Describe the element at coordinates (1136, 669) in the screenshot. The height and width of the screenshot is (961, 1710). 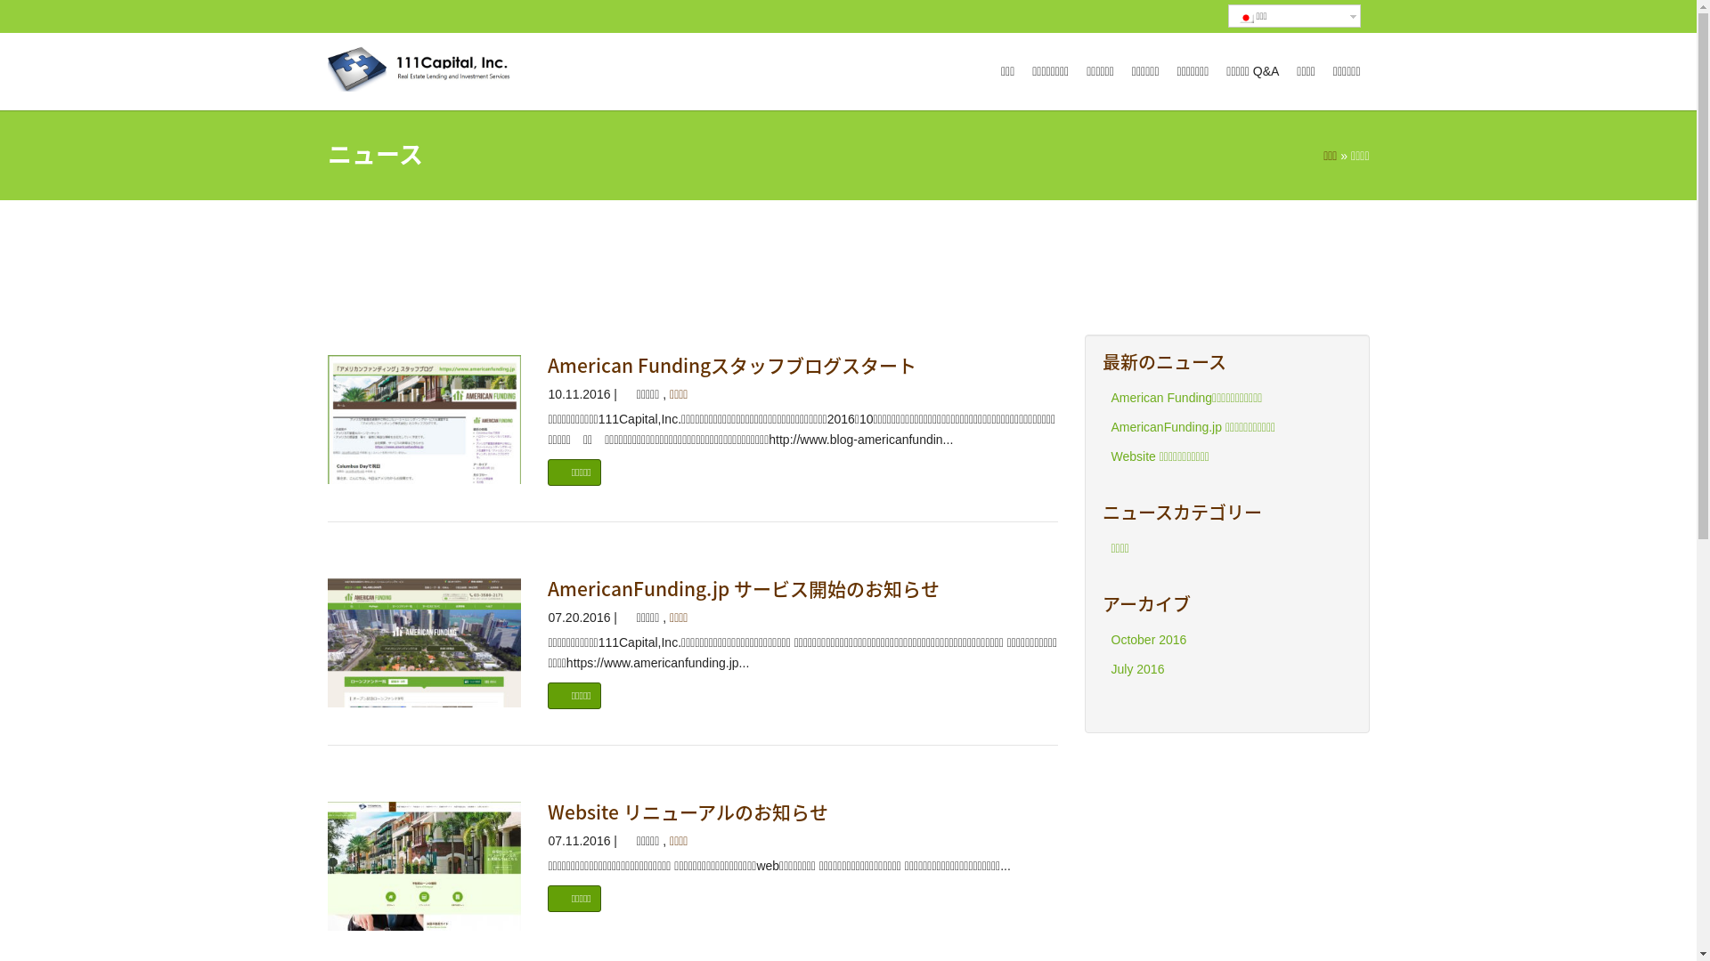
I see `'July 2016'` at that location.